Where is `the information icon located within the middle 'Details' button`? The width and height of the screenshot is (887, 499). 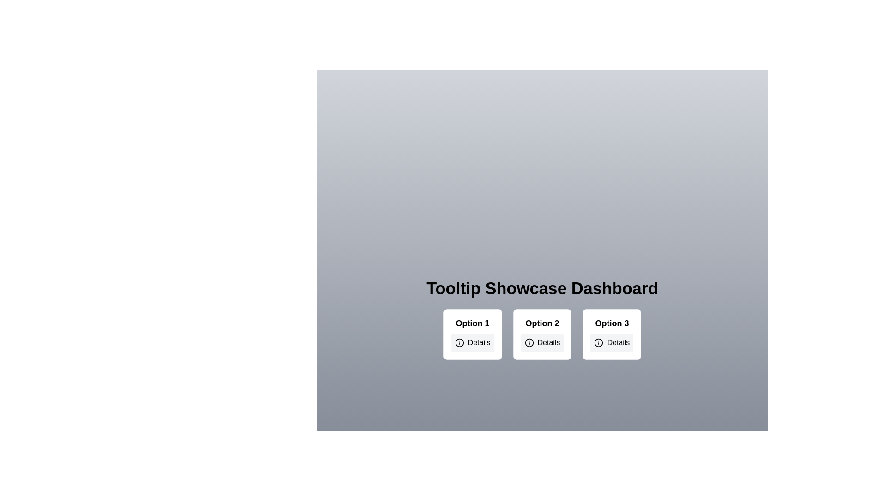 the information icon located within the middle 'Details' button is located at coordinates (529, 342).